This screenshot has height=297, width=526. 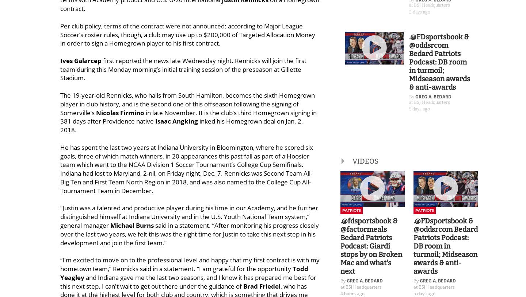 I want to click on 'VIDEOS', so click(x=365, y=161).